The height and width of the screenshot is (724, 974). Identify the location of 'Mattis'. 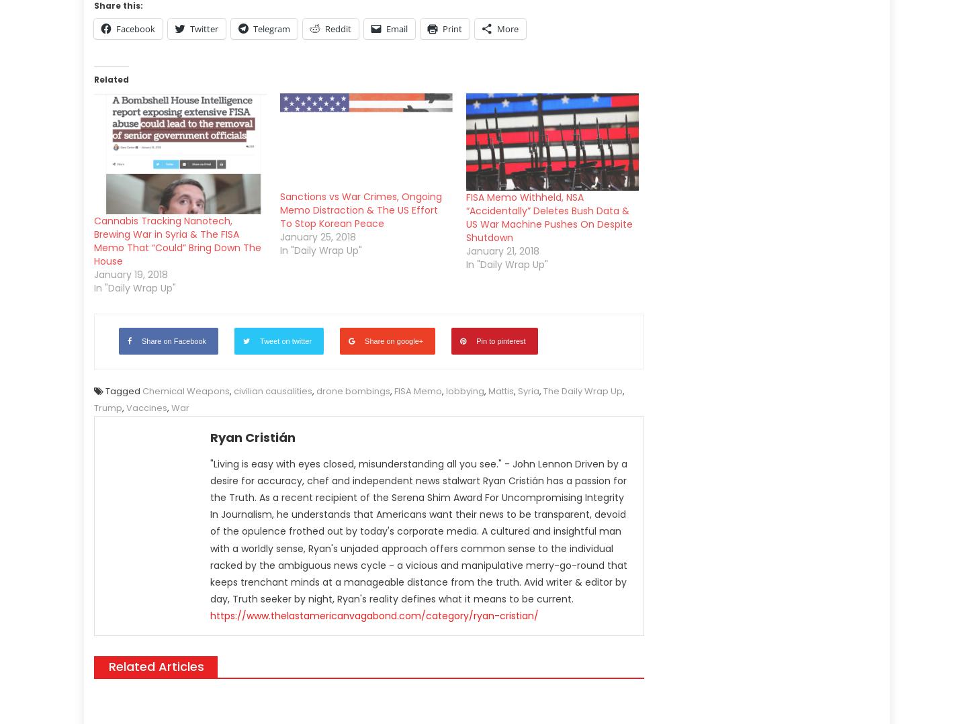
(501, 390).